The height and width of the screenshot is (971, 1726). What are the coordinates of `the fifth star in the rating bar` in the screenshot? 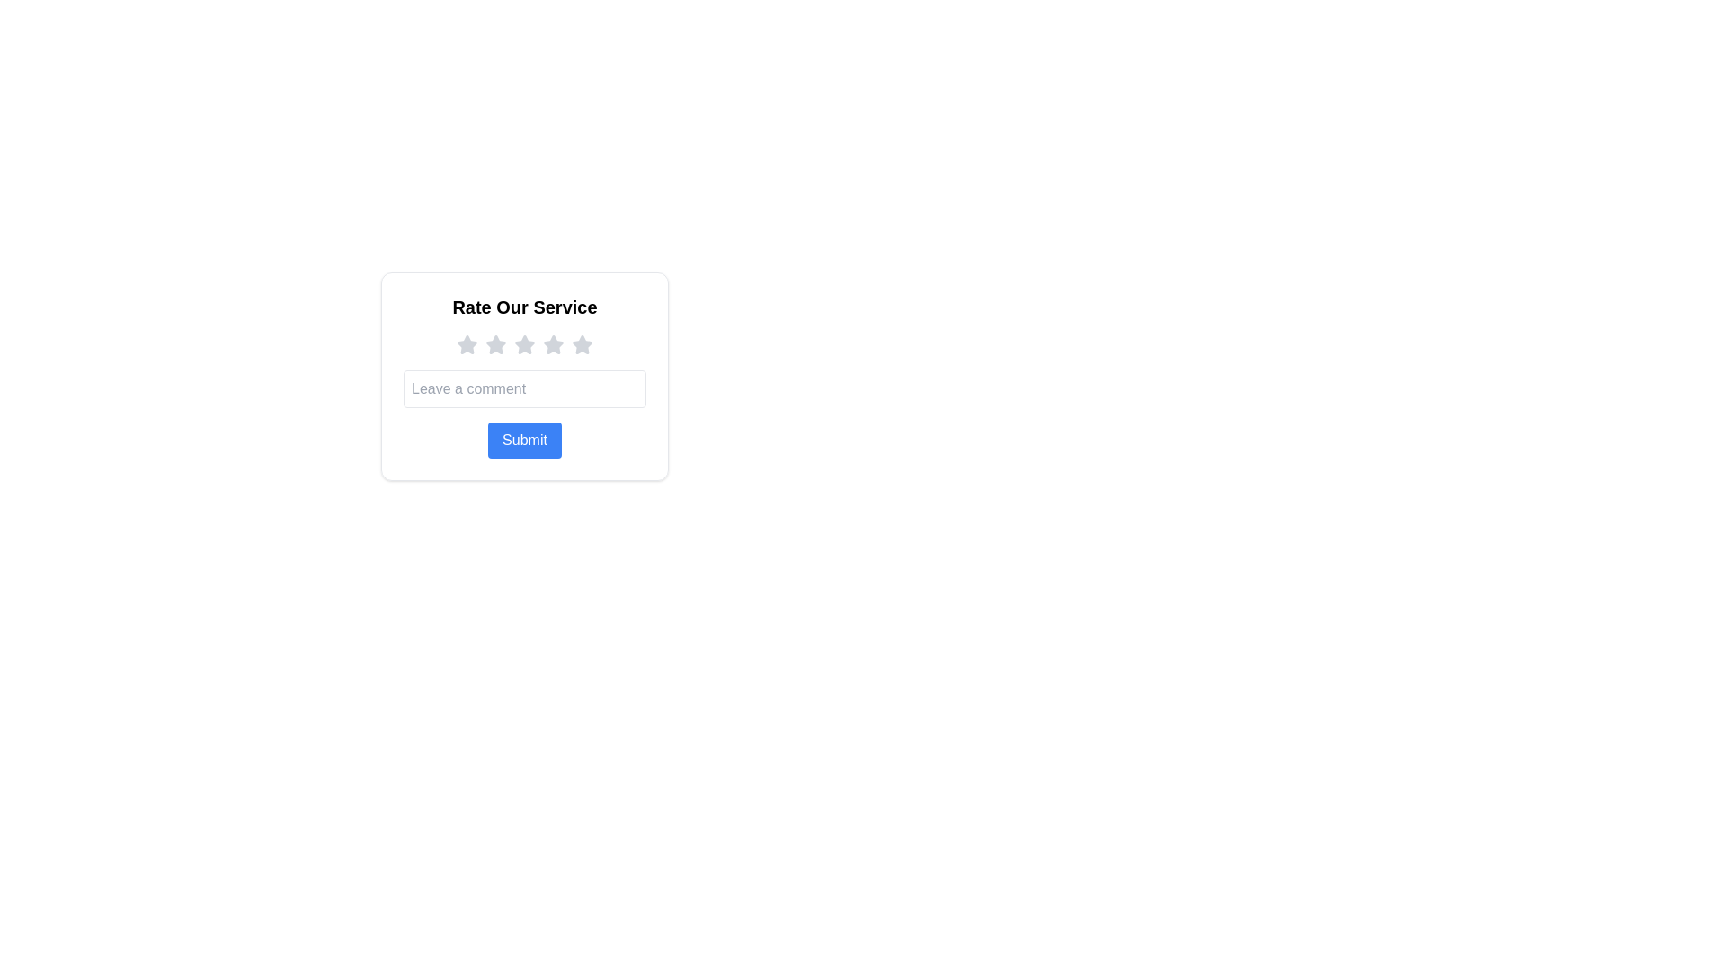 It's located at (583, 345).